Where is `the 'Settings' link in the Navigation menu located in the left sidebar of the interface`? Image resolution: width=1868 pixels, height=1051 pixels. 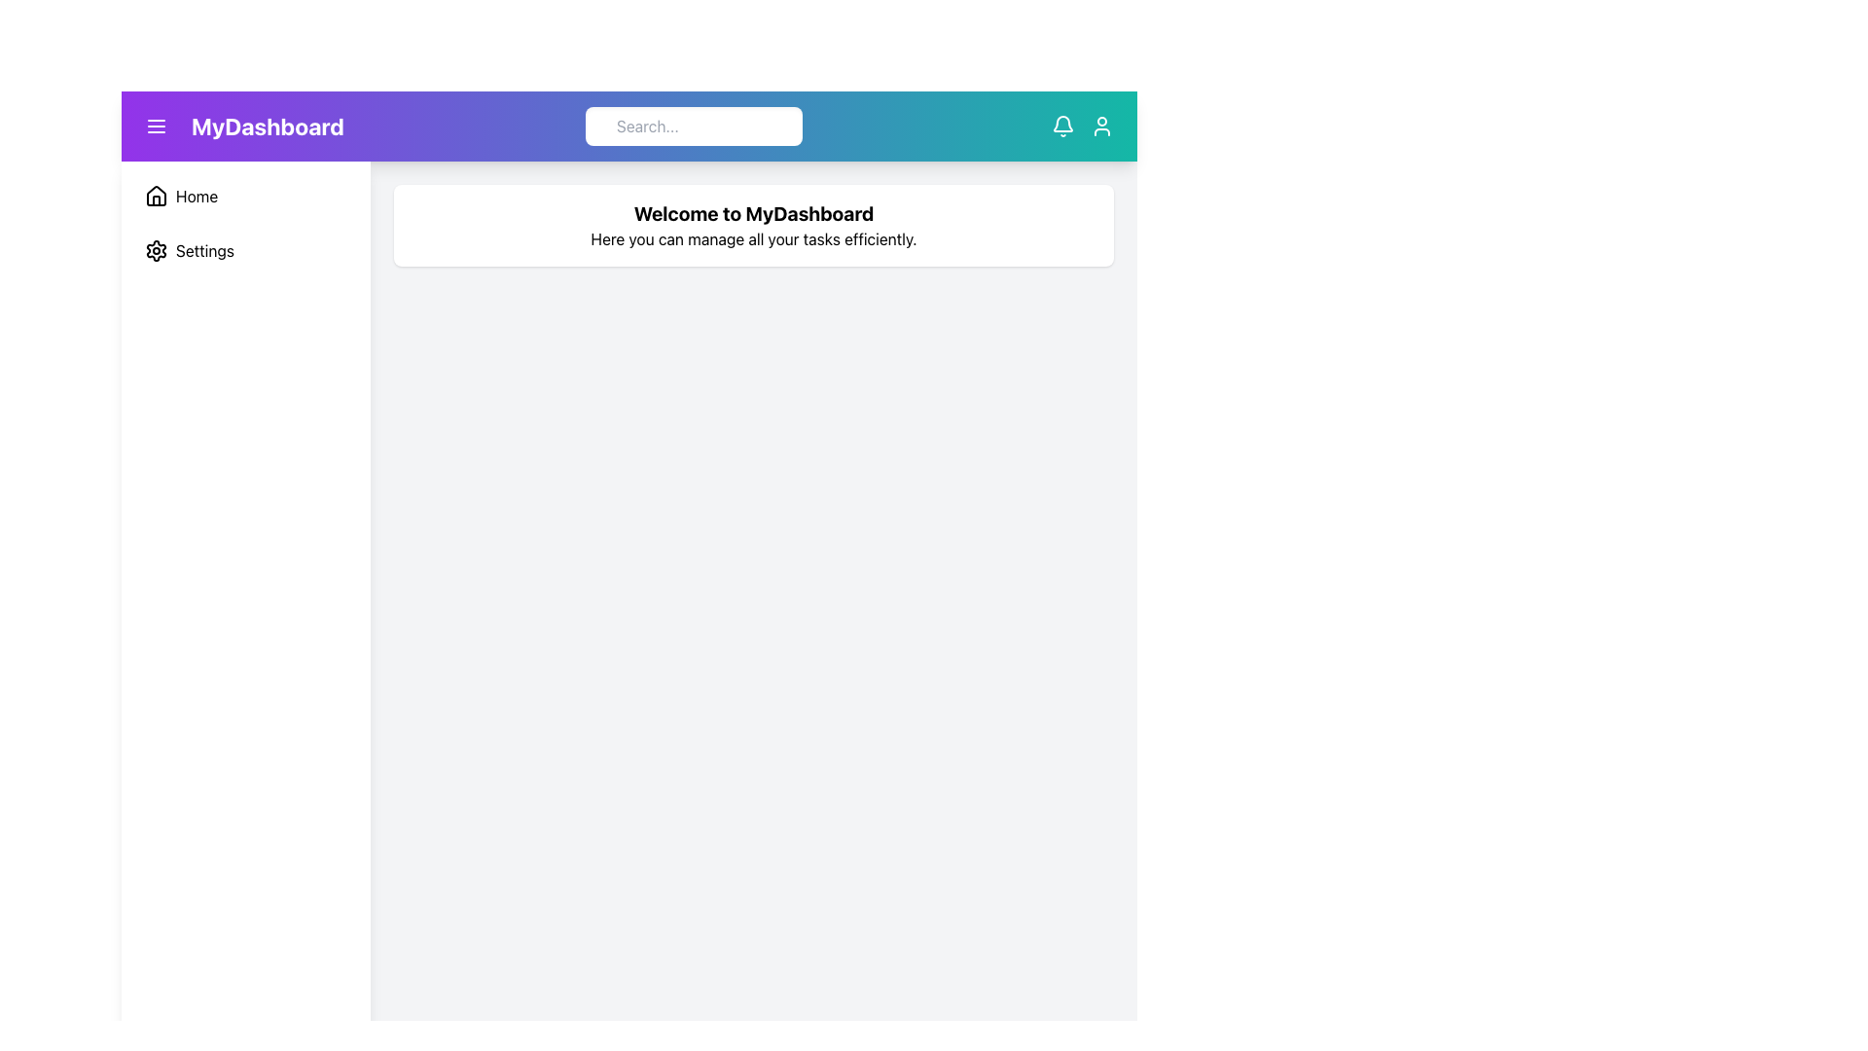 the 'Settings' link in the Navigation menu located in the left sidebar of the interface is located at coordinates (245, 223).